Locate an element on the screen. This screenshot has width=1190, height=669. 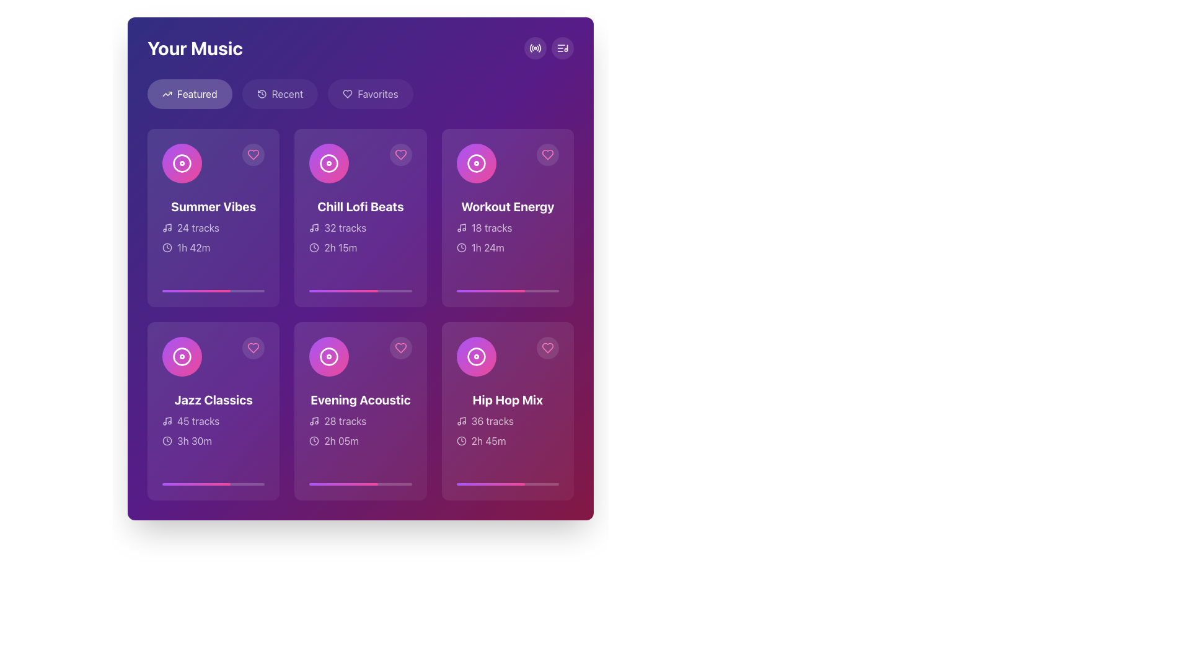
the circular button with a musical note icon located at the top-right corner of the interface is located at coordinates (562, 47).